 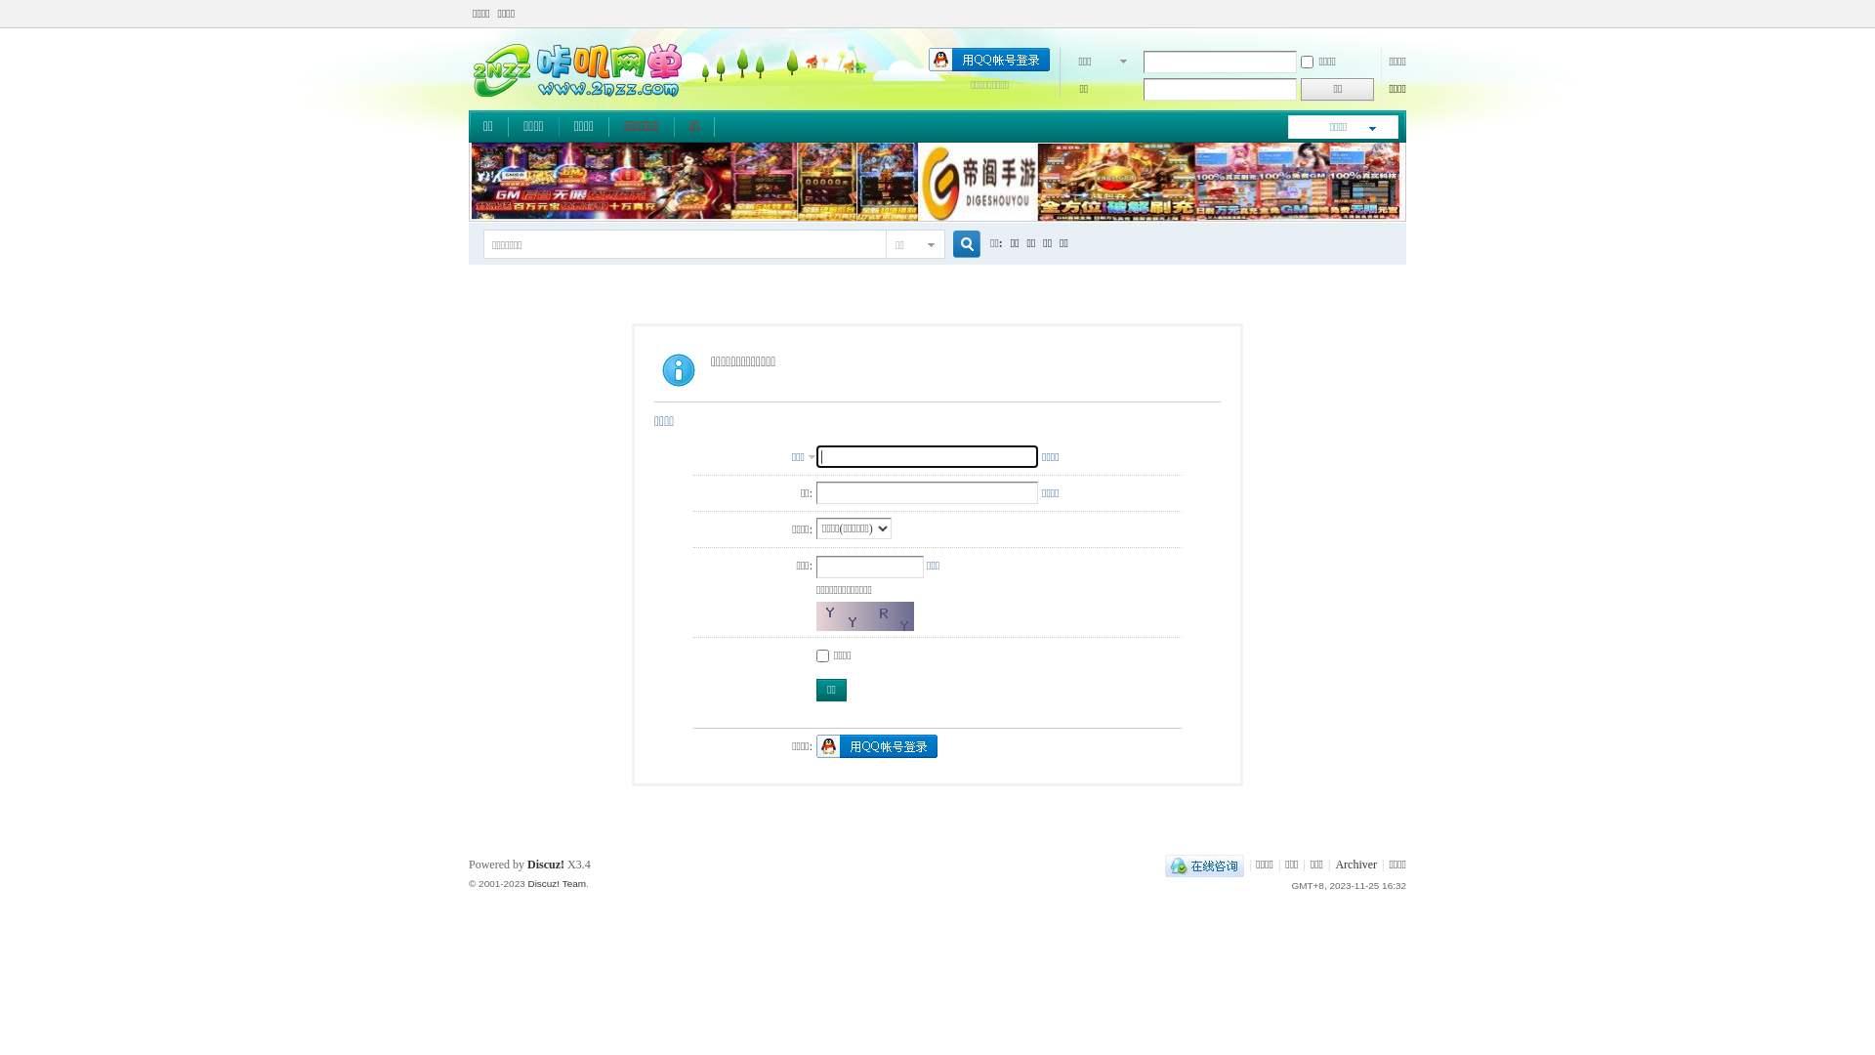 I want to click on 'Archiver', so click(x=1334, y=863).